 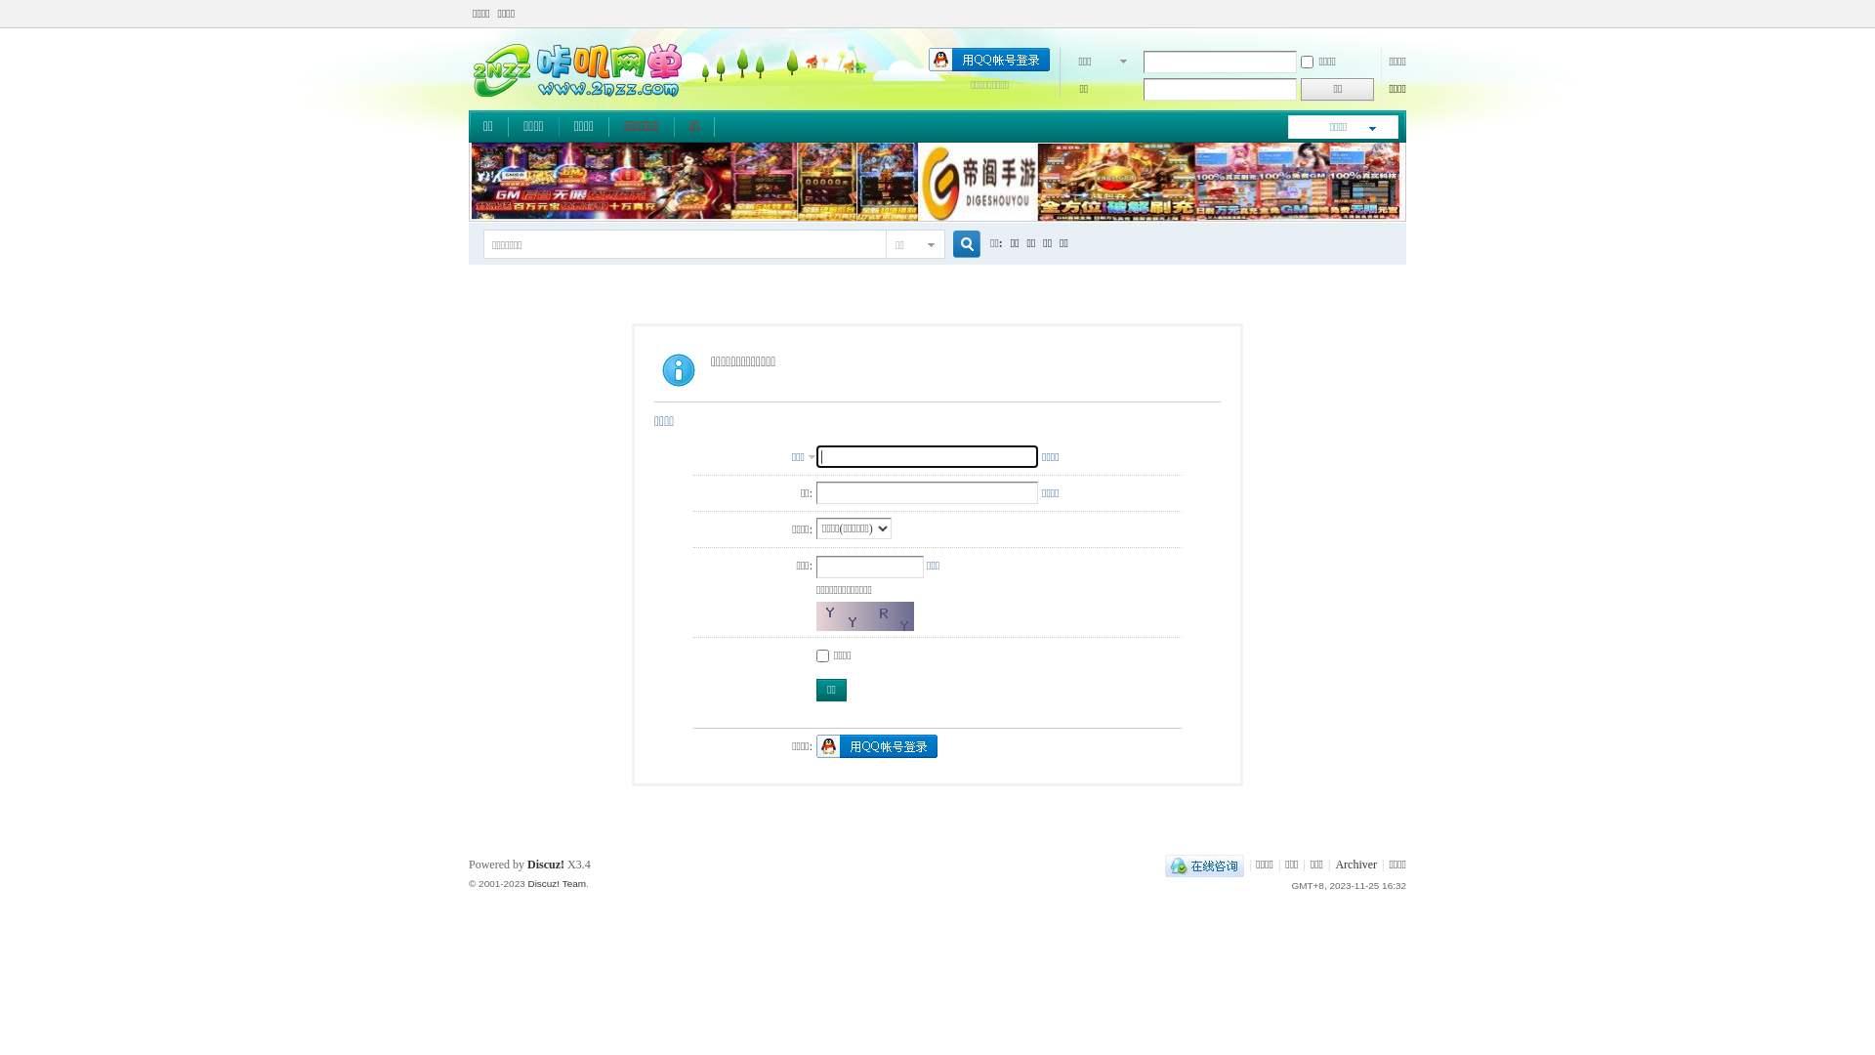 I want to click on 'Archiver', so click(x=1334, y=863).